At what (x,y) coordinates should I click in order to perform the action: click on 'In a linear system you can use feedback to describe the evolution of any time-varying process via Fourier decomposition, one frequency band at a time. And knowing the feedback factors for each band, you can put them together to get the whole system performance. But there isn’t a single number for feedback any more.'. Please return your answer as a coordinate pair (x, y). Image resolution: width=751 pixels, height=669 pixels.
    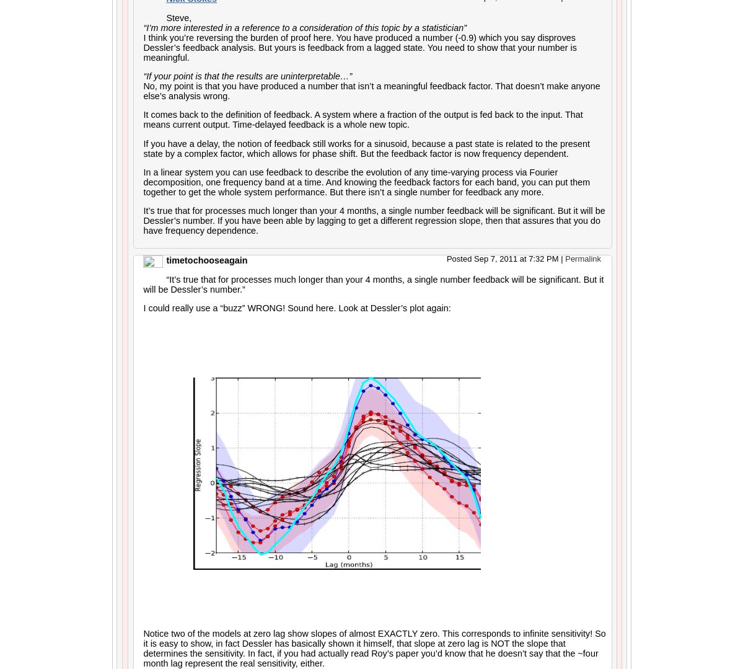
    Looking at the image, I should click on (366, 182).